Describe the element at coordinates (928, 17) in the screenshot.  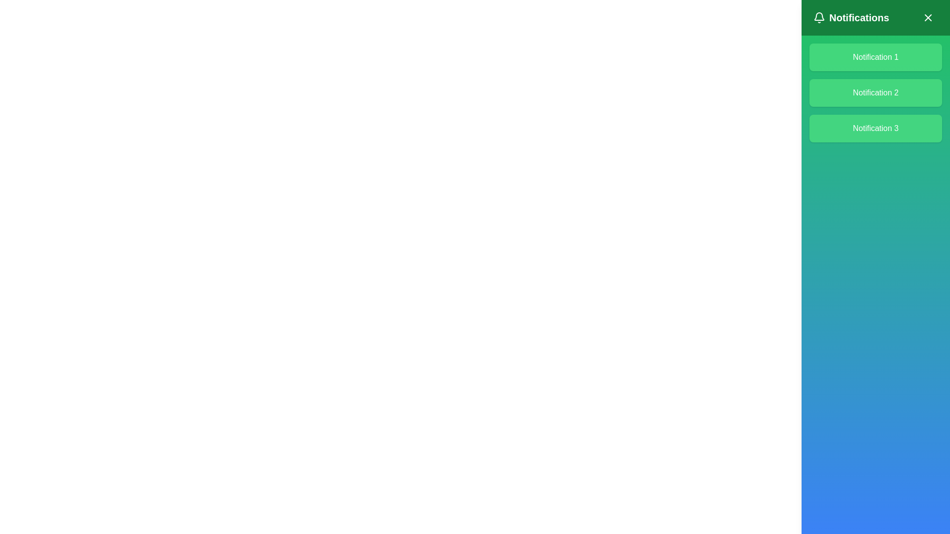
I see `the small close button represented by an 'X' icon, which is white on a green background, located in the top-right corner of the 'Notifications' header bar` at that location.